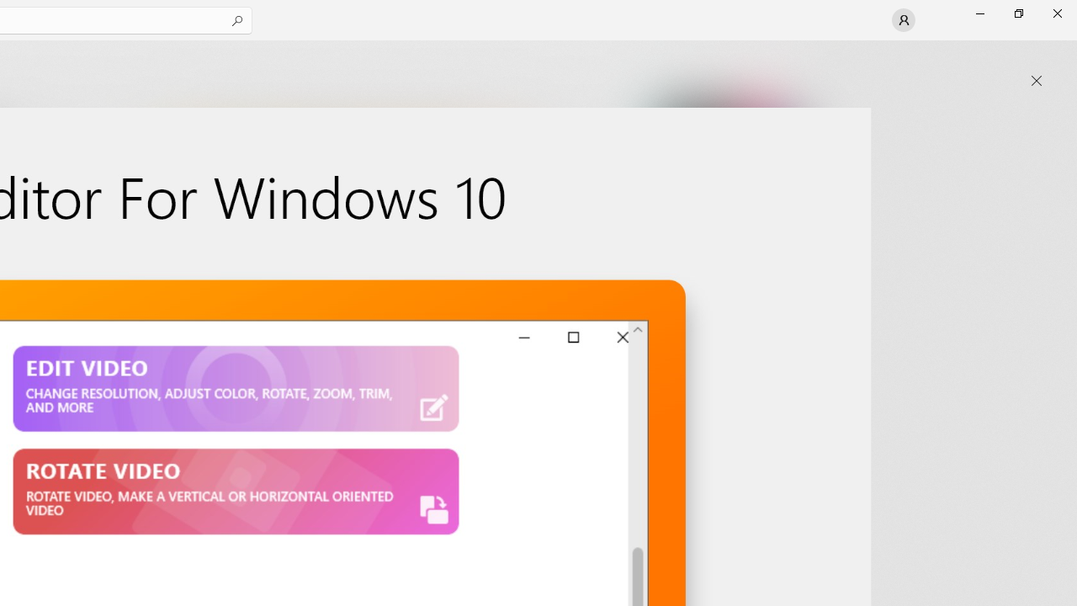 The width and height of the screenshot is (1077, 606). I want to click on 'User profile', so click(902, 20).